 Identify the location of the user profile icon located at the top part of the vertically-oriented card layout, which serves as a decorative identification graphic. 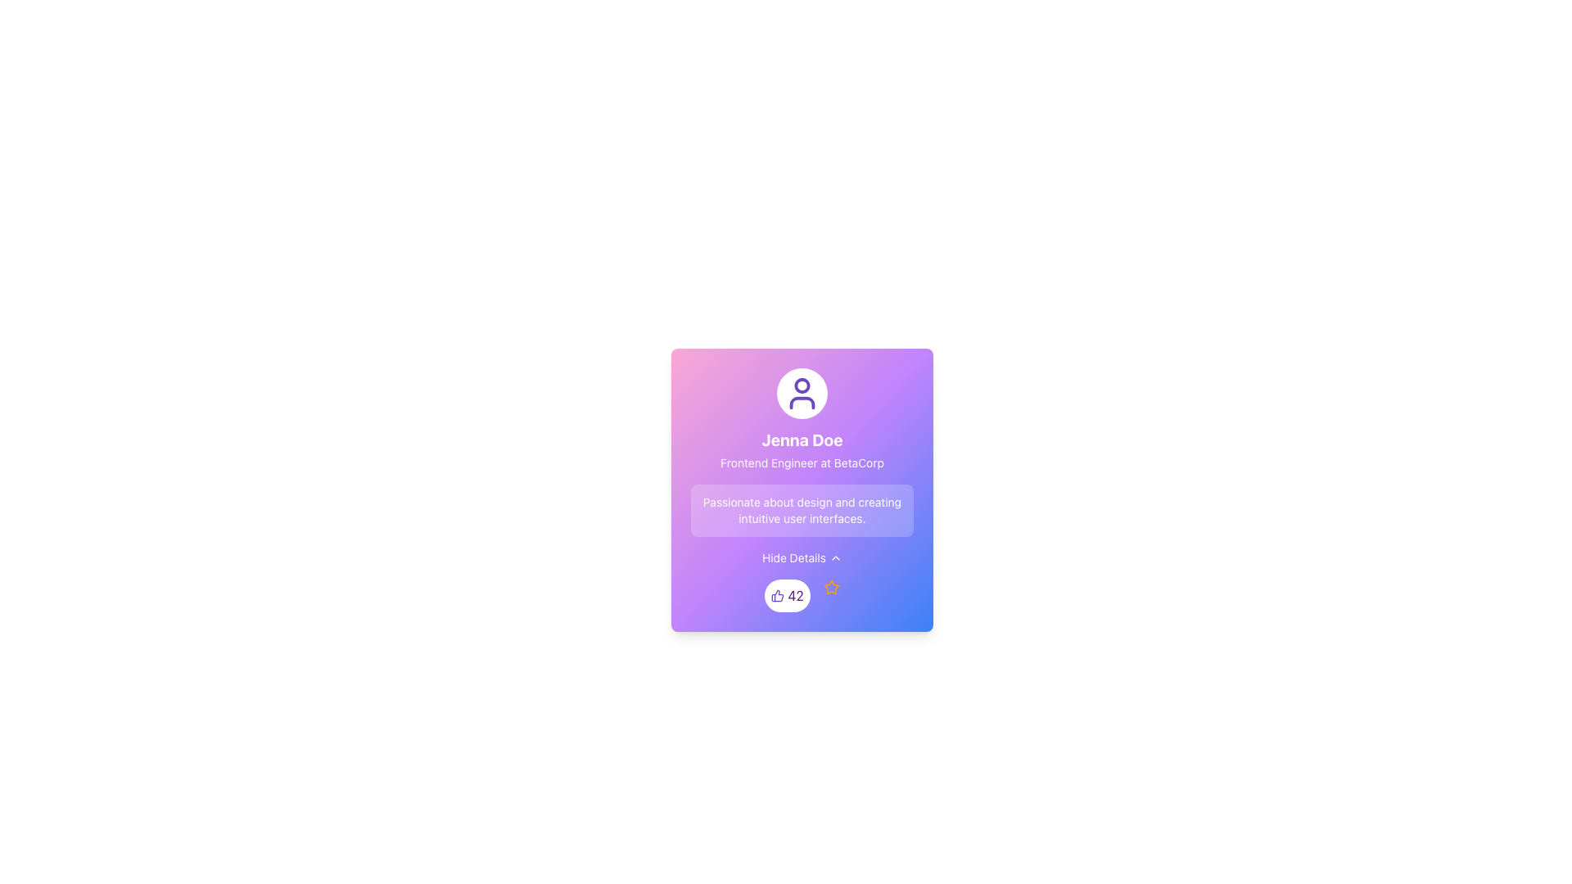
(802, 394).